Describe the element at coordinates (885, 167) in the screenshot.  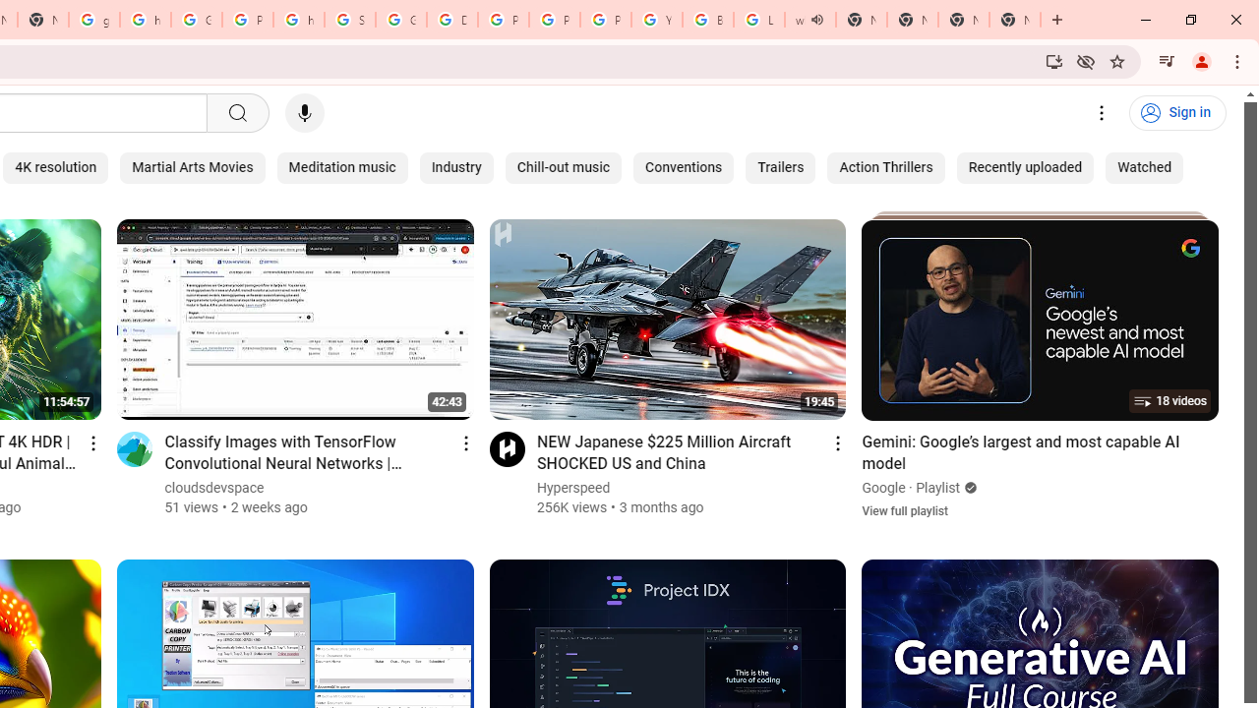
I see `'Action Thrillers'` at that location.